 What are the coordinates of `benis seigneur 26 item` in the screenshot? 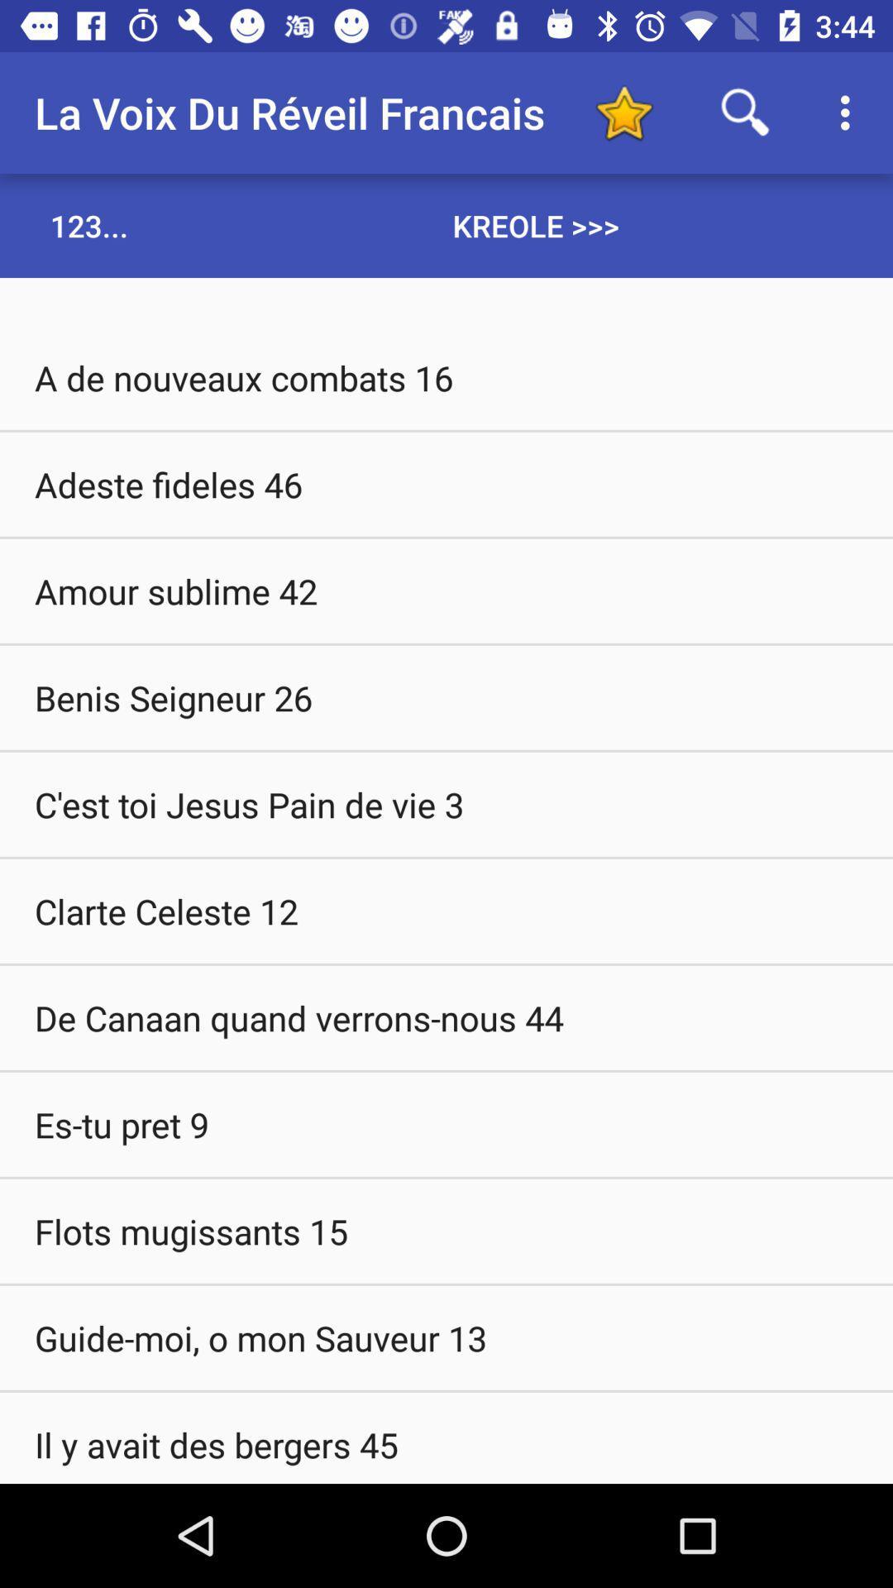 It's located at (446, 697).